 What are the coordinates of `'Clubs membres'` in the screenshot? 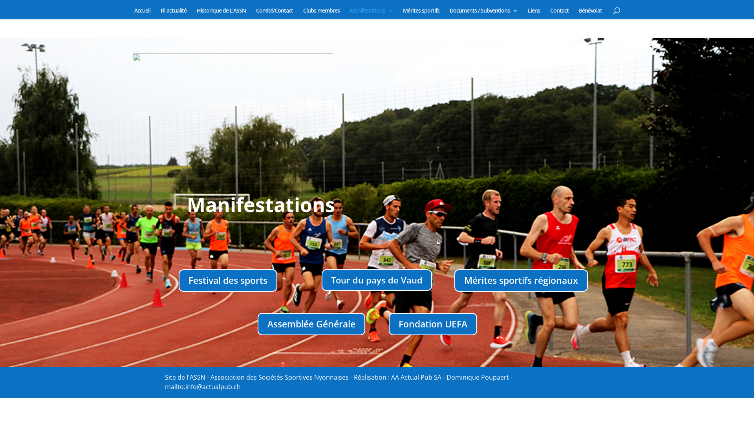 It's located at (321, 13).